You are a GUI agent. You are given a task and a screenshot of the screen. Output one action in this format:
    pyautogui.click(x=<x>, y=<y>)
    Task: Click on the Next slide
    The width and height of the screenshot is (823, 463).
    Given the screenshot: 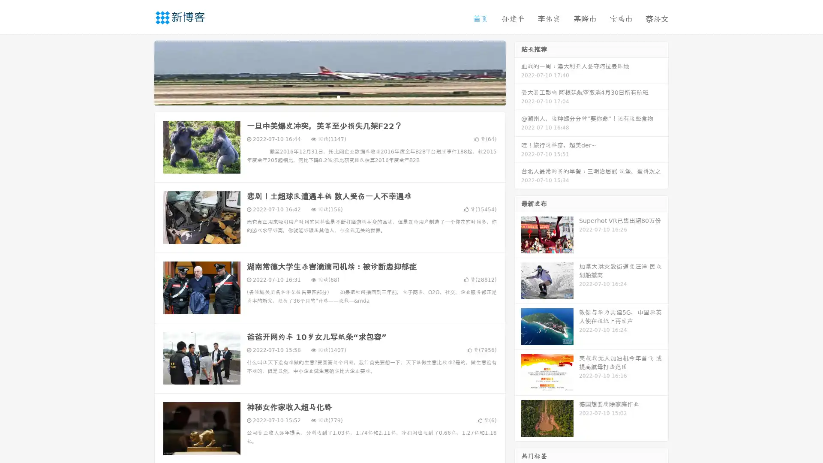 What is the action you would take?
    pyautogui.click(x=518, y=72)
    